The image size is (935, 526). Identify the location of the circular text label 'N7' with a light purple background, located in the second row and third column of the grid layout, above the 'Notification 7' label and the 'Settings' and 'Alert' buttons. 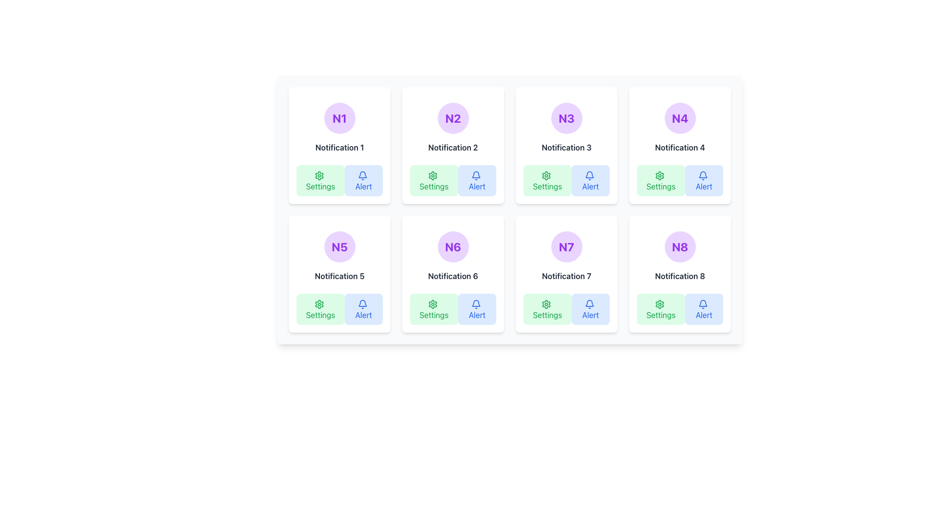
(566, 246).